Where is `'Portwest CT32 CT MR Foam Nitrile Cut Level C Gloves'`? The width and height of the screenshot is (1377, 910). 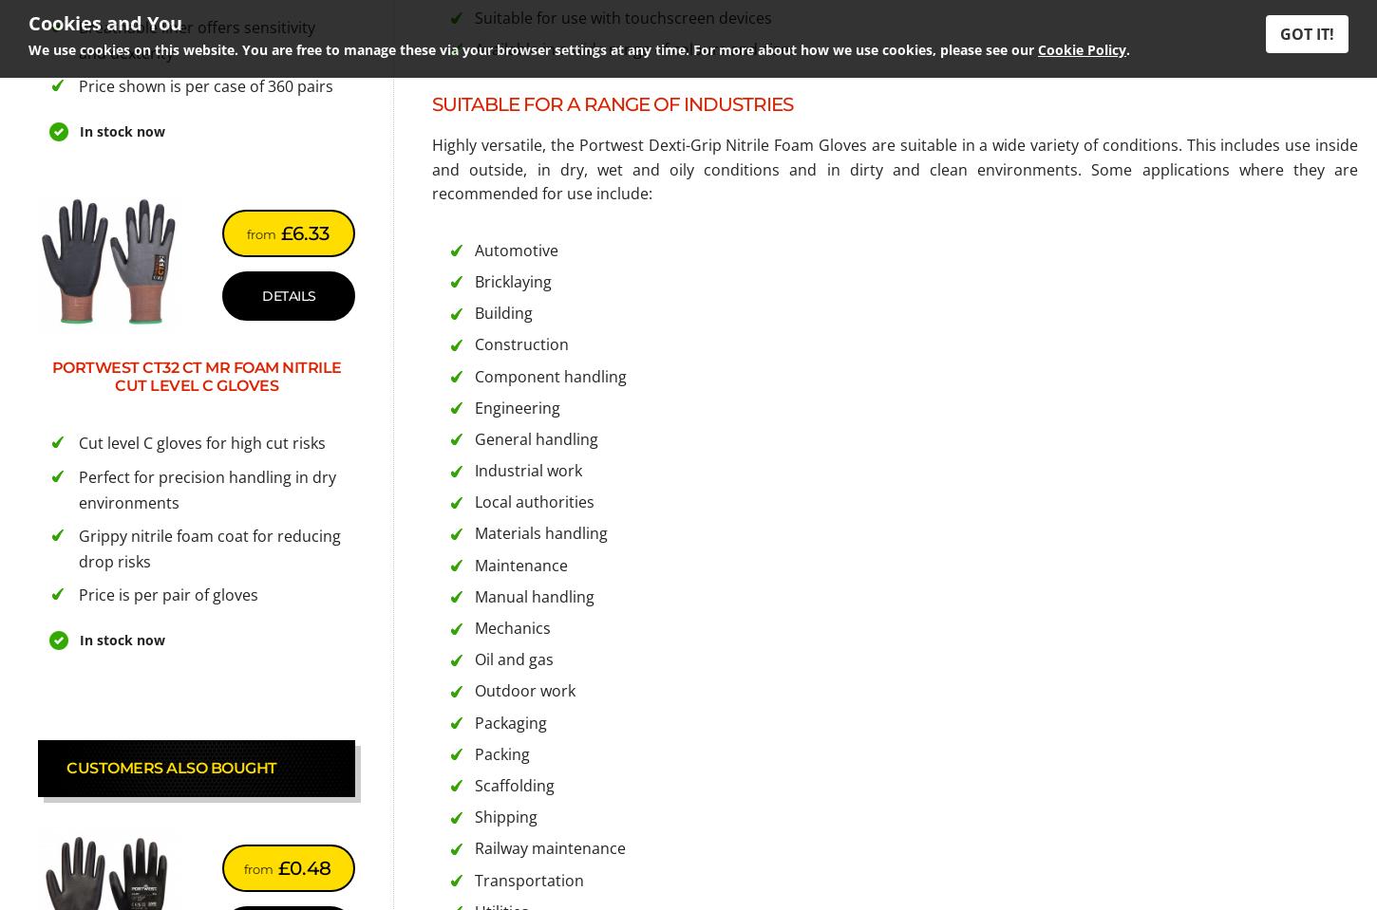
'Portwest CT32 CT MR Foam Nitrile Cut Level C Gloves' is located at coordinates (50, 377).